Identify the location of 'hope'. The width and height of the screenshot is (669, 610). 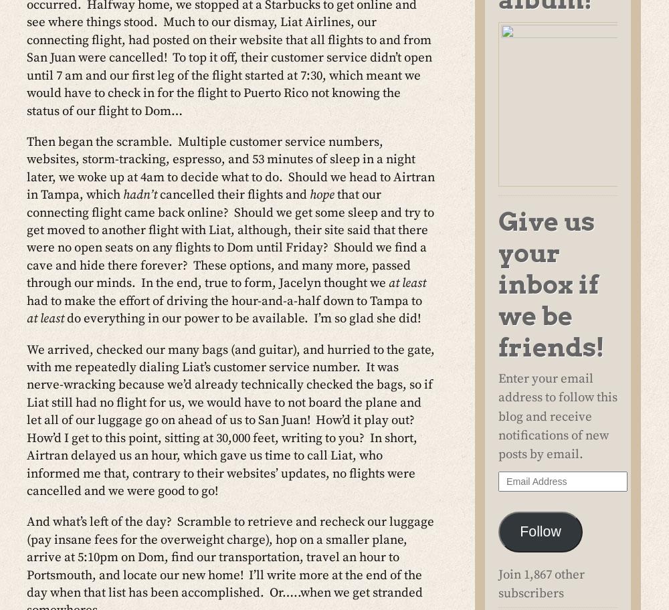
(321, 194).